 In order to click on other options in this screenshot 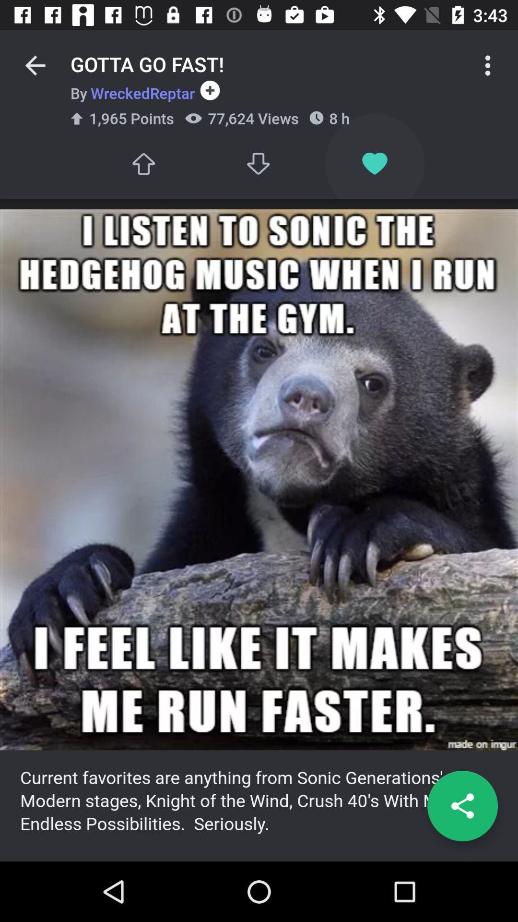, I will do `click(488, 65)`.